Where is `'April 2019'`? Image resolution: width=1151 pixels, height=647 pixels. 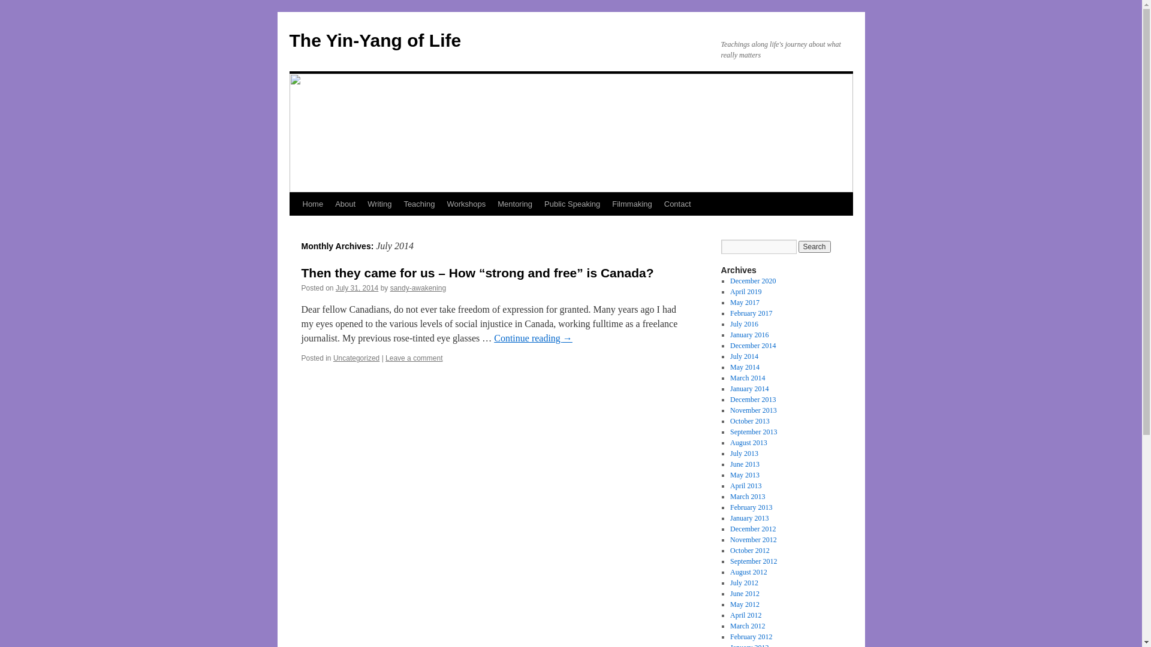 'April 2019' is located at coordinates (745, 291).